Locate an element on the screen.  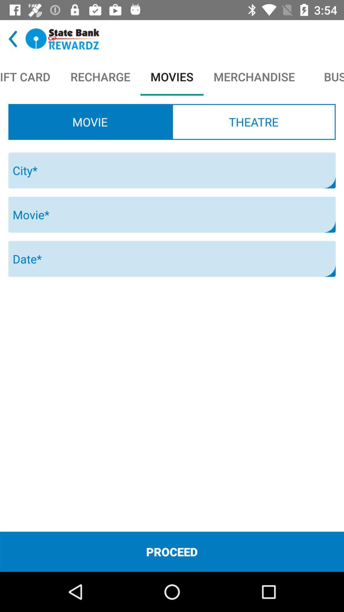
app below movies is located at coordinates (253, 122).